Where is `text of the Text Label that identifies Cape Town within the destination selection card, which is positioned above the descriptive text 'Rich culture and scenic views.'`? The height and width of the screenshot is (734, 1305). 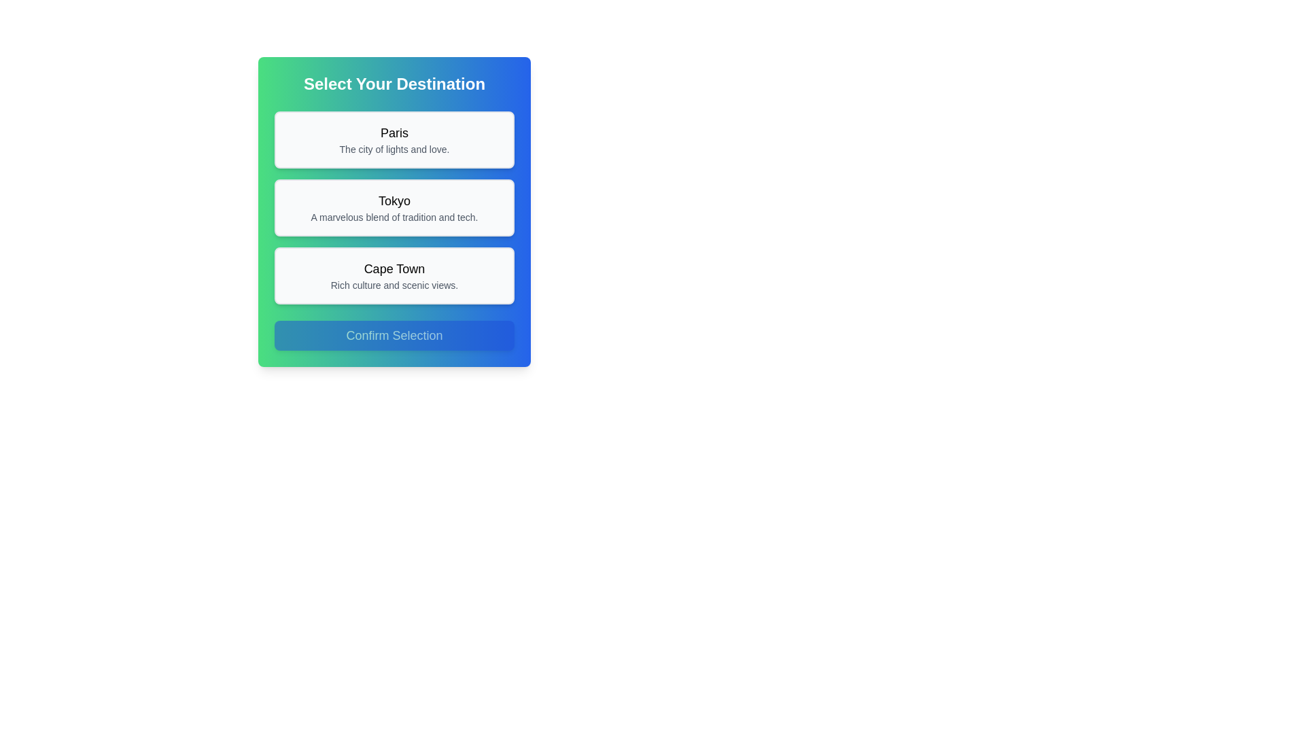
text of the Text Label that identifies Cape Town within the destination selection card, which is positioned above the descriptive text 'Rich culture and scenic views.' is located at coordinates (394, 269).